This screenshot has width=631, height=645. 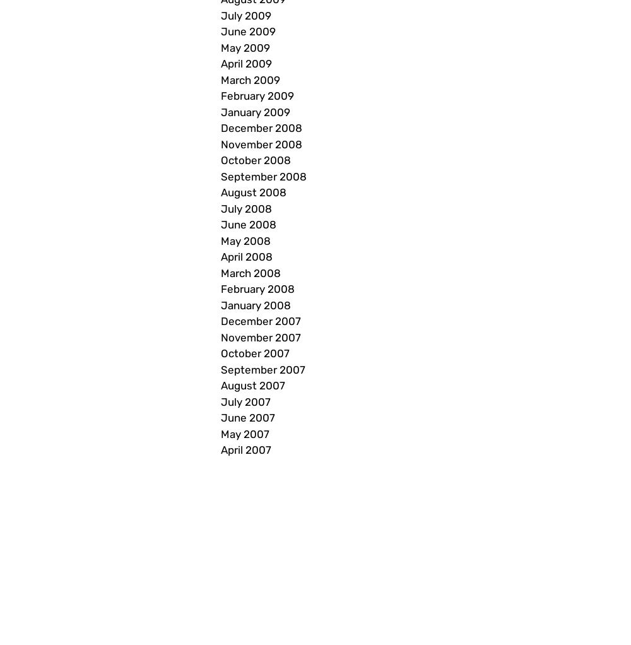 I want to click on 'January 2009', so click(x=256, y=111).